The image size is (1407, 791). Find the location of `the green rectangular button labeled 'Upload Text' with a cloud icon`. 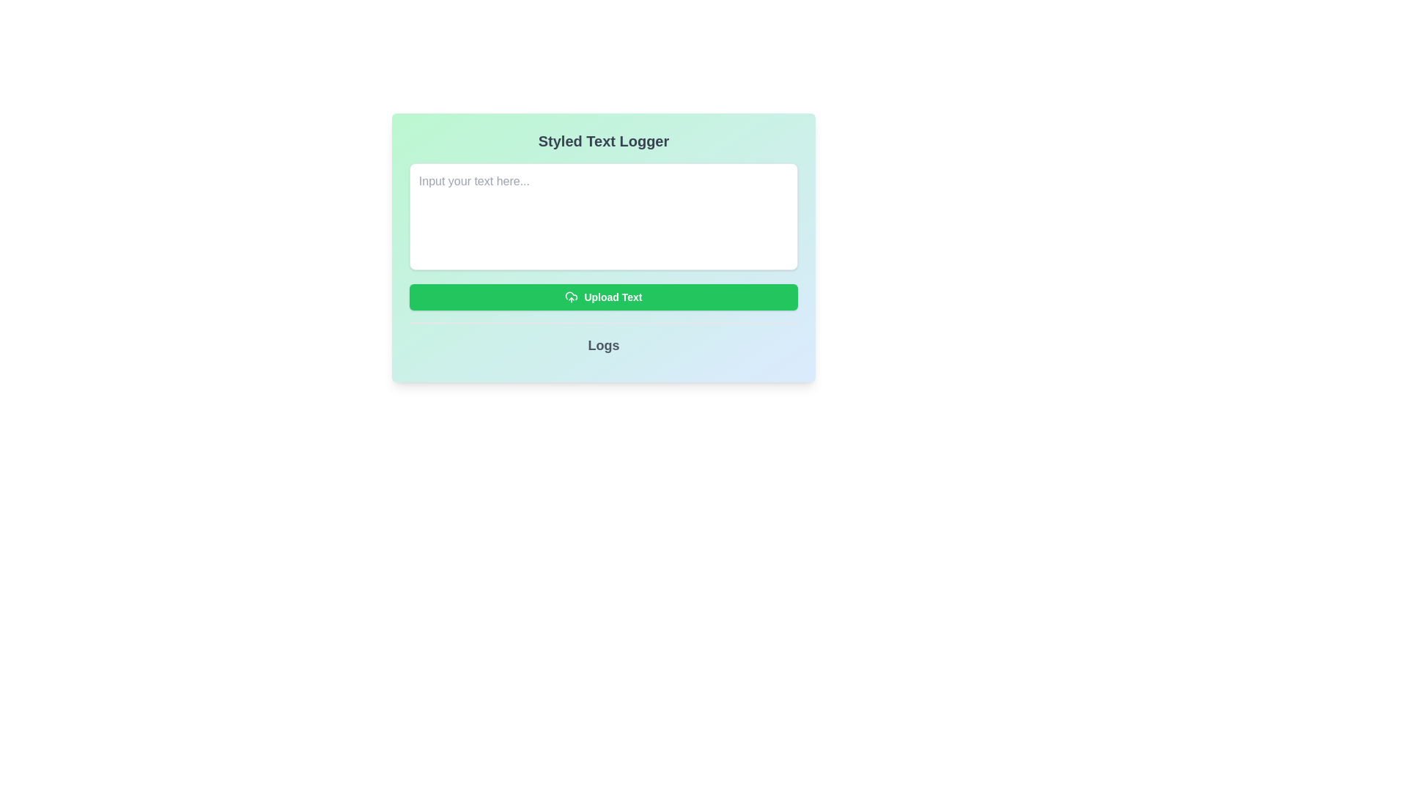

the green rectangular button labeled 'Upload Text' with a cloud icon is located at coordinates (604, 297).